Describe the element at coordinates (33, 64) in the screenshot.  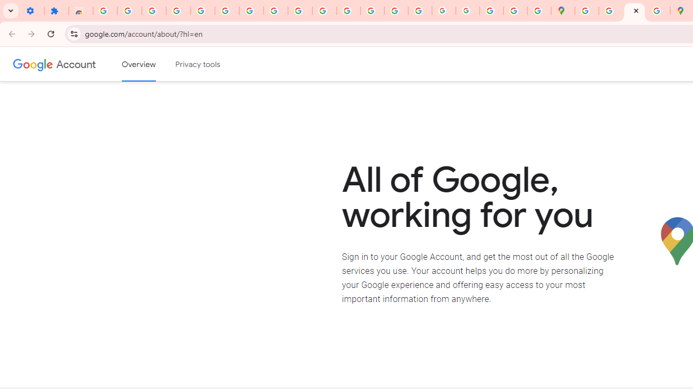
I see `'Google logo'` at that location.